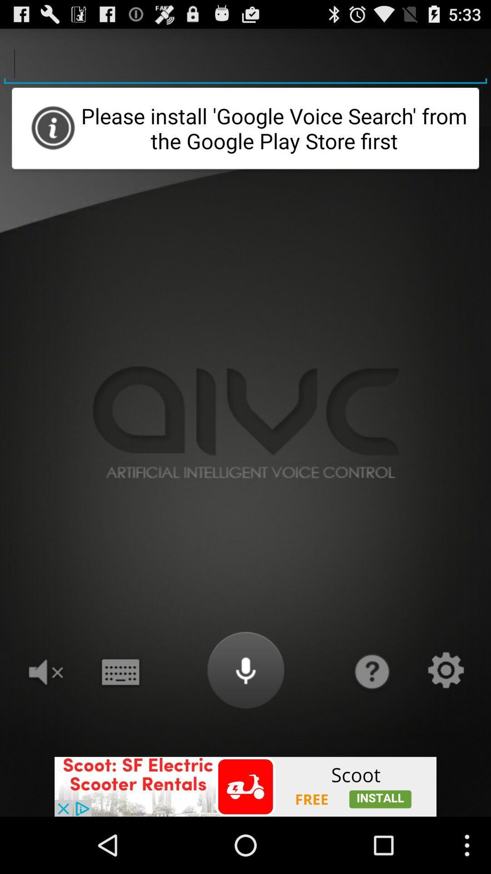 This screenshot has height=874, width=491. What do you see at coordinates (371, 717) in the screenshot?
I see `the help icon` at bounding box center [371, 717].